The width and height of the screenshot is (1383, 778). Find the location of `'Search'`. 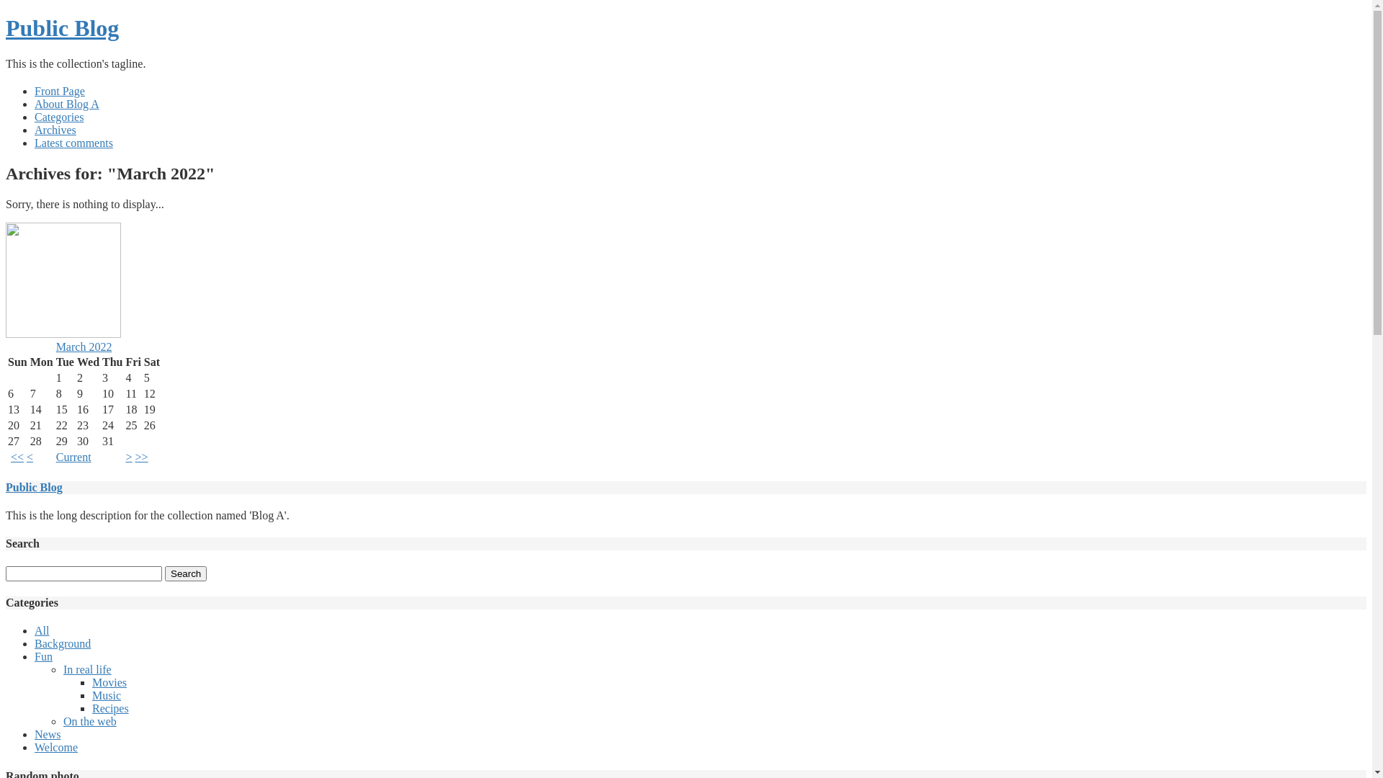

'Search' is located at coordinates (185, 573).